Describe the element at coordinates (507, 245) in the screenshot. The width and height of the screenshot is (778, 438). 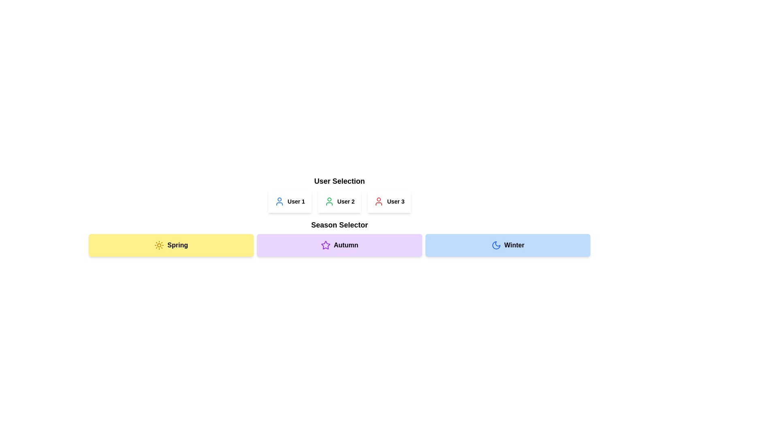
I see `the 'Winter' season selection button, which is the rightmost button in a horizontal list located below the 'Season Selector' section` at that location.